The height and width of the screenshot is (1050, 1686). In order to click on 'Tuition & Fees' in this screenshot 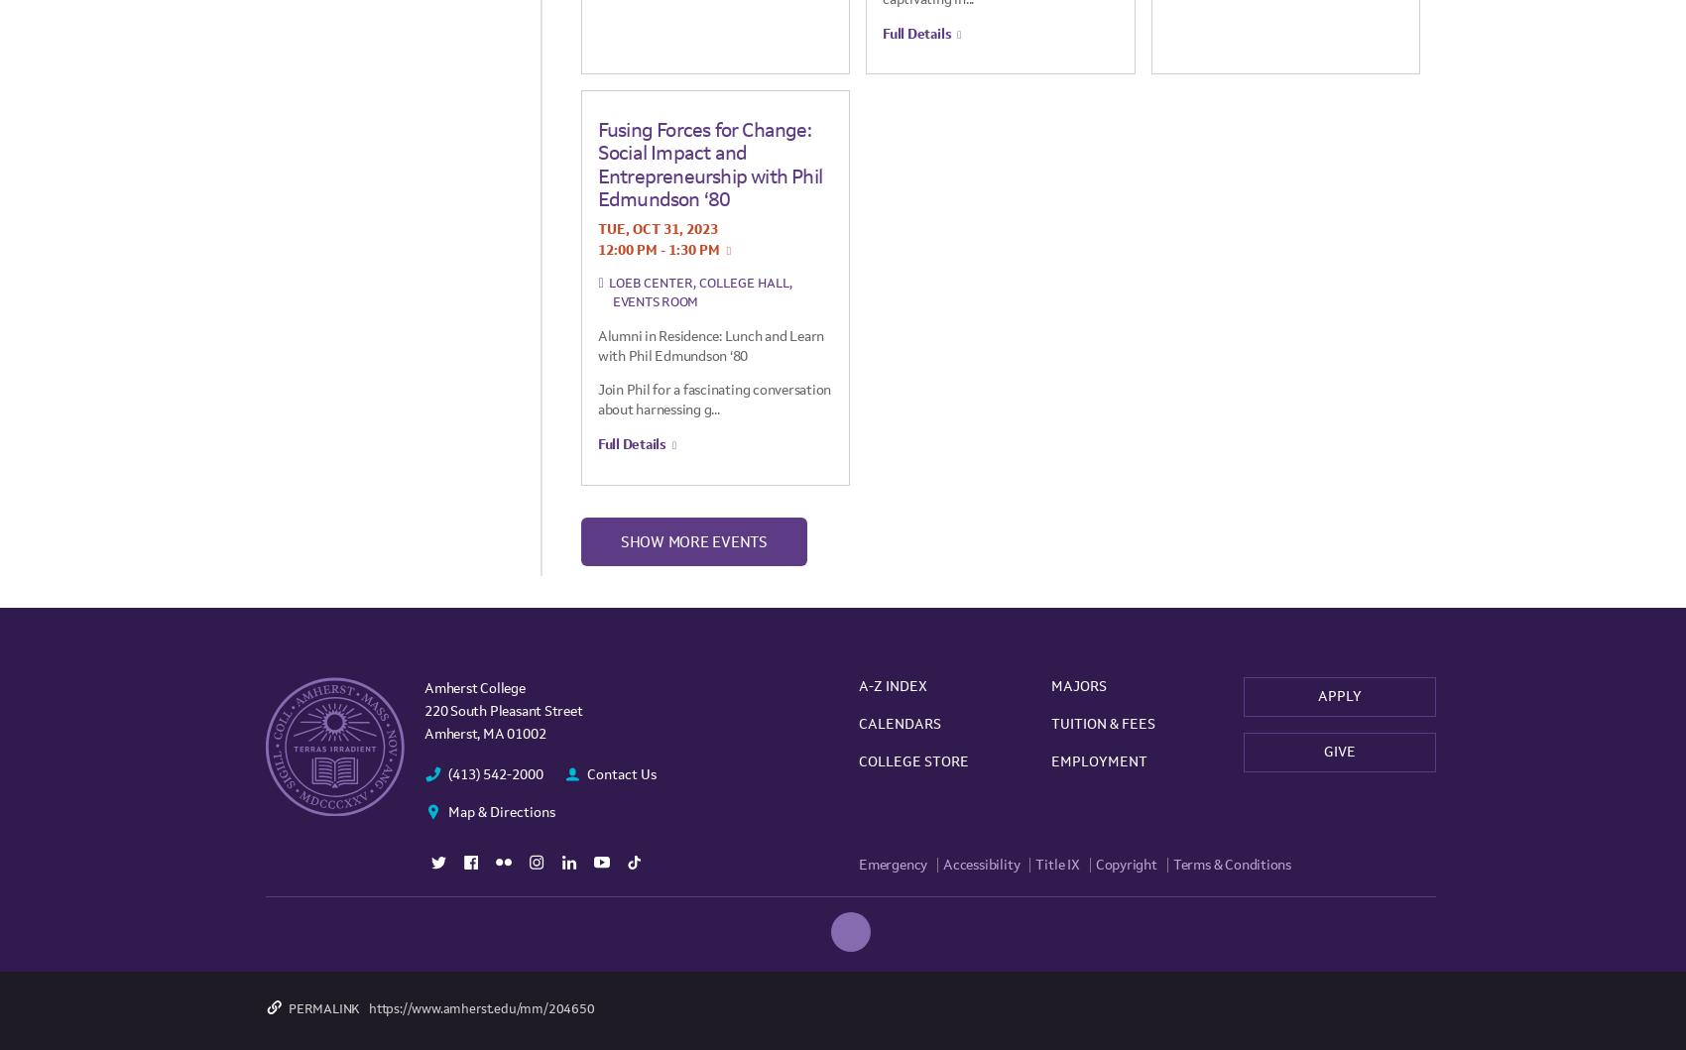, I will do `click(1049, 723)`.